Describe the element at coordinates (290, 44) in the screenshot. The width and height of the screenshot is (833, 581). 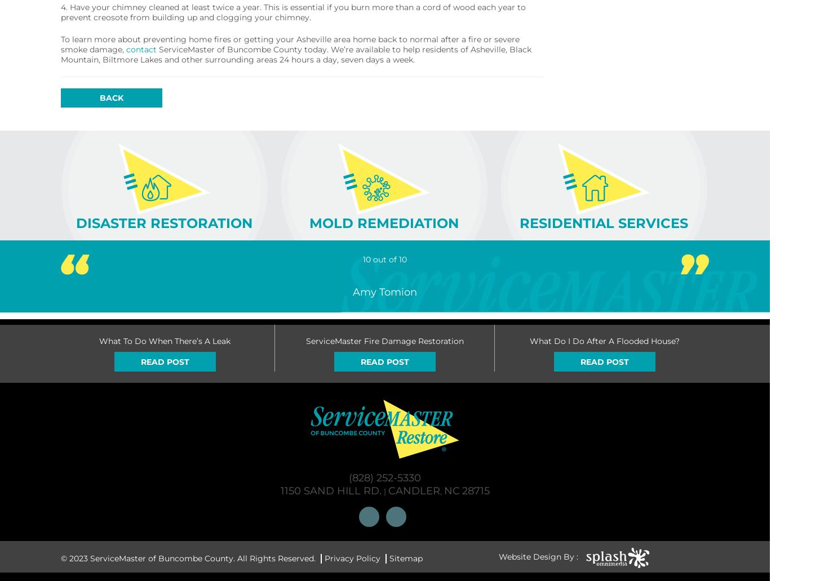
I see `'To learn more about preventing home fires or getting your Asheville area home back to normal after a fire or severe smoke damage,'` at that location.